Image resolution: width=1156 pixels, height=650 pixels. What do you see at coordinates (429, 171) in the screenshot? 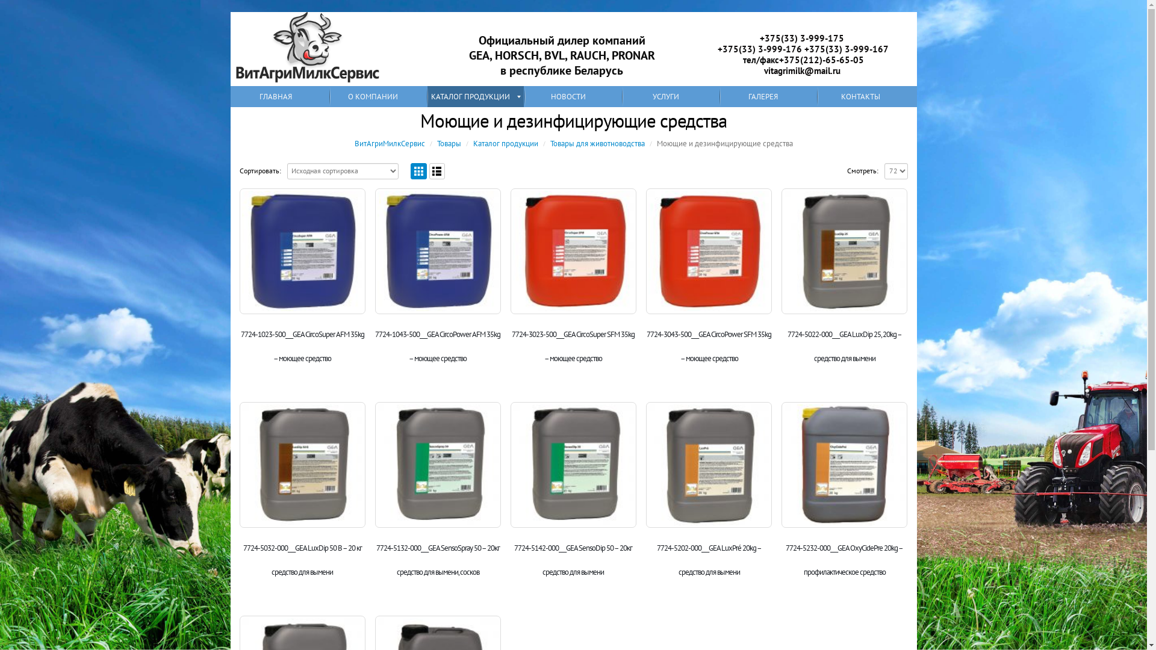
I see `'List View'` at bounding box center [429, 171].